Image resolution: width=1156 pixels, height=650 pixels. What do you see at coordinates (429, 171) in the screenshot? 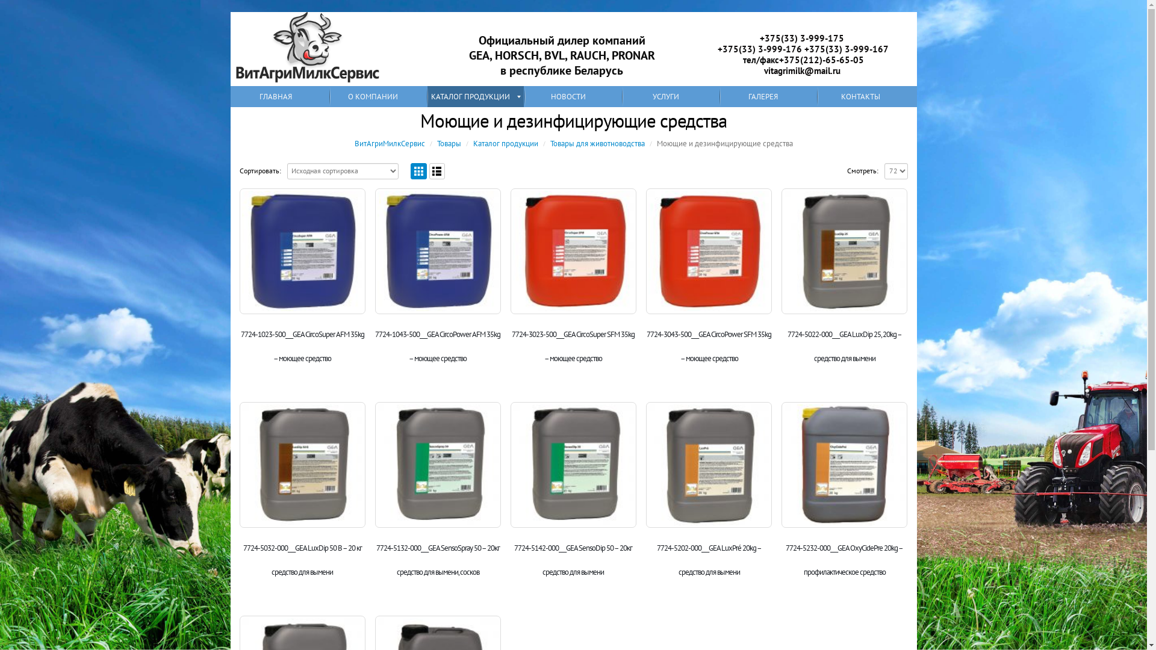
I see `'List View'` at bounding box center [429, 171].